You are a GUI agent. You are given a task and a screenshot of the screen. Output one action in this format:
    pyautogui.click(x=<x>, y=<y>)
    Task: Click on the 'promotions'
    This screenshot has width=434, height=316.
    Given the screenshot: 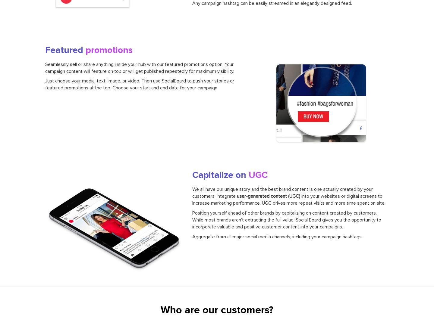 What is the action you would take?
    pyautogui.click(x=109, y=50)
    